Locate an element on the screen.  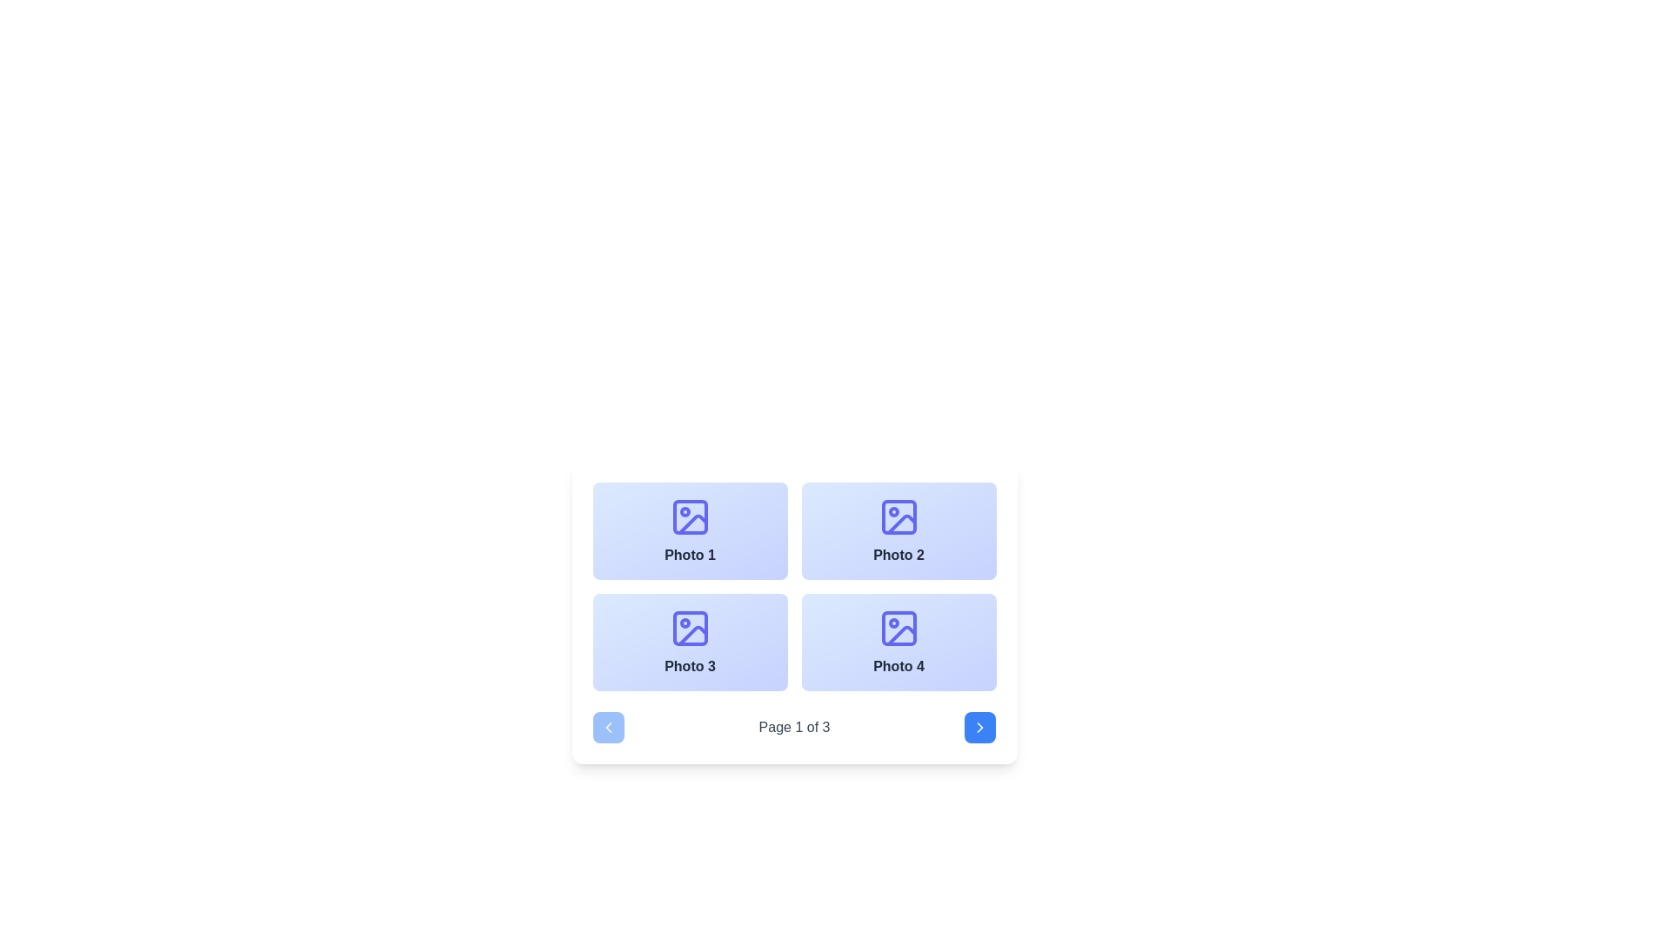
the text label displaying 'Photo 2', which is bold and dark against a light gradient background is located at coordinates (898, 556).